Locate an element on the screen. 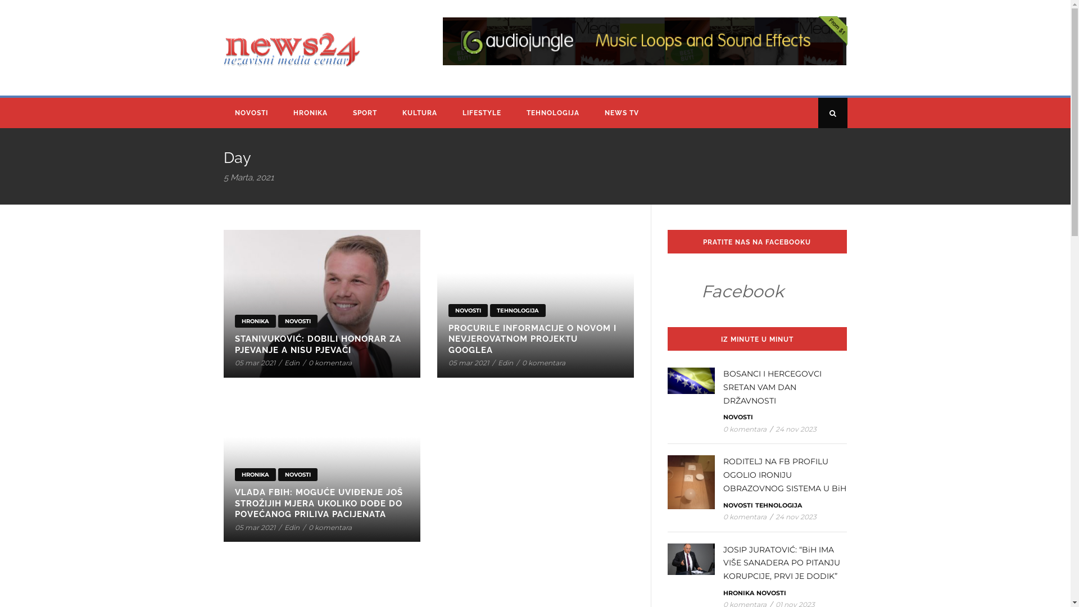  'TEHNOLOGIJA' is located at coordinates (778, 504).